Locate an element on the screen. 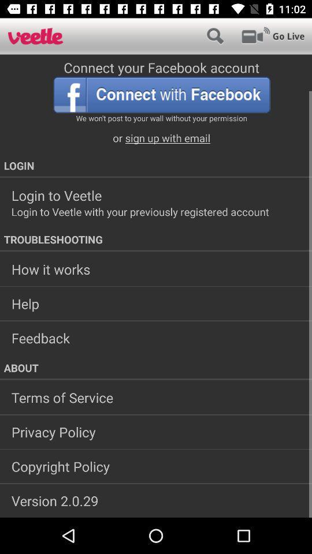  open home page is located at coordinates (35, 36).